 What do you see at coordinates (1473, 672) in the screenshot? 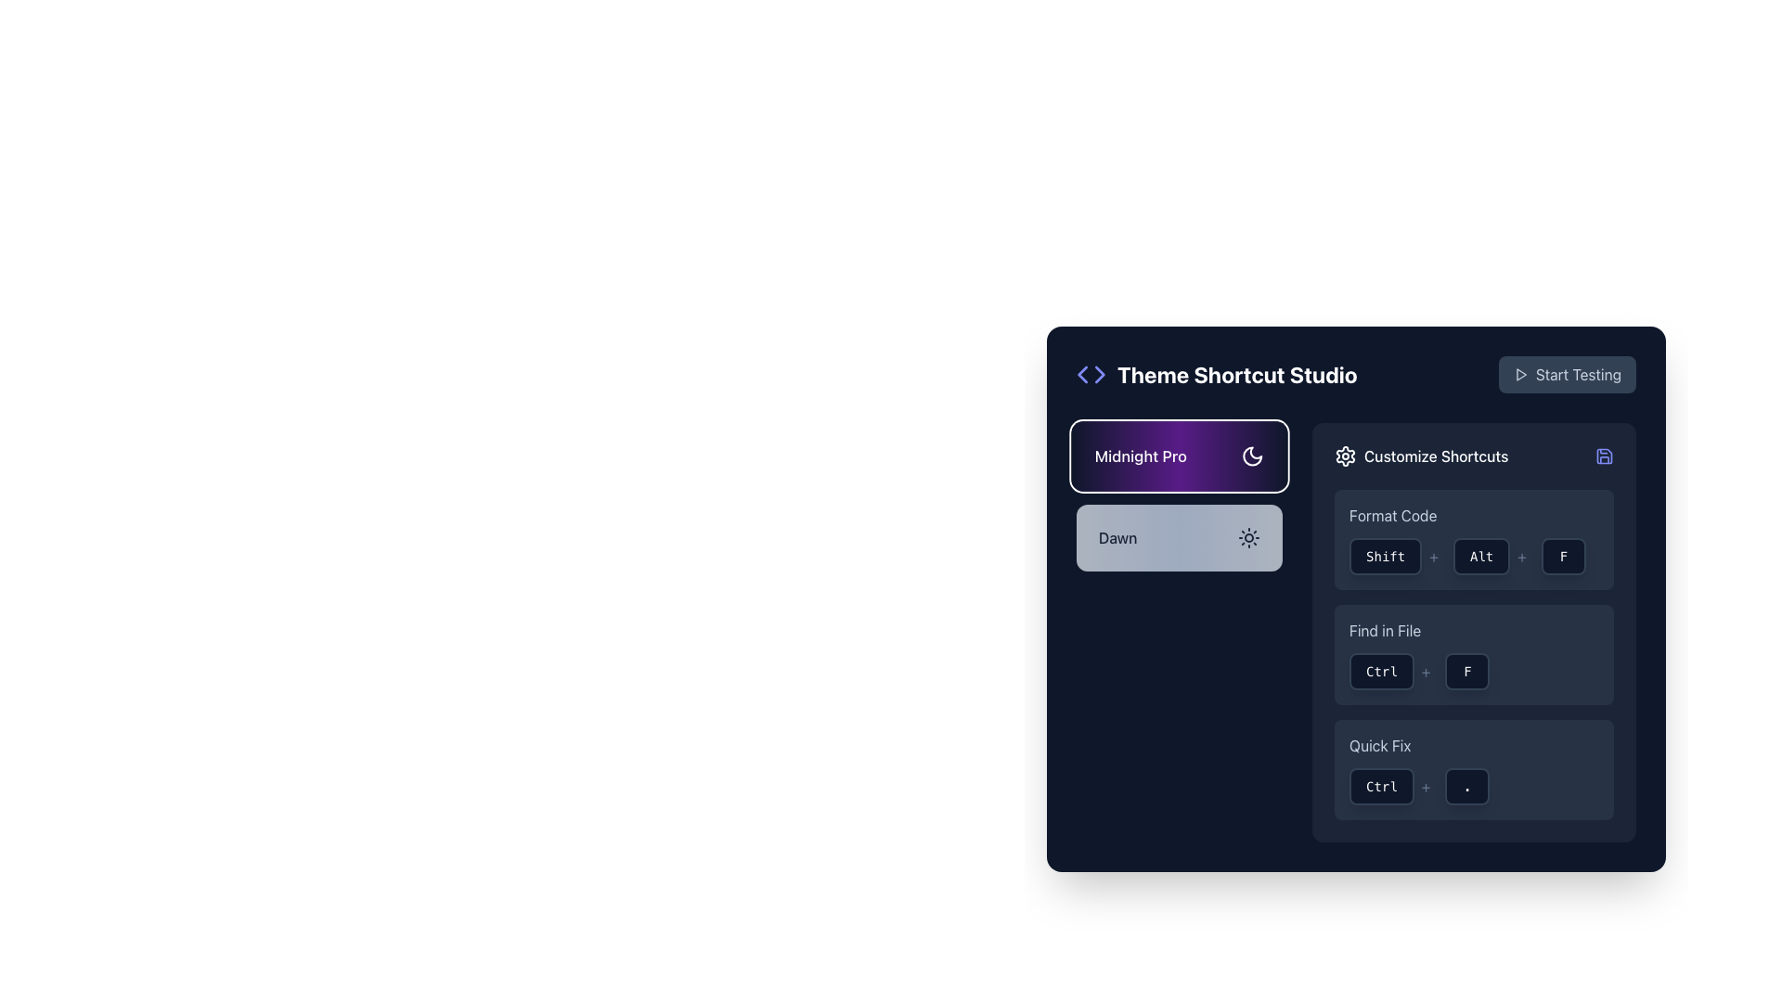
I see `the keyboard shortcut display for 'Ctrl+F', which is located in the 'Find in File' section on the right sidebar, beneath 'Customize Shortcuts'` at bounding box center [1473, 672].